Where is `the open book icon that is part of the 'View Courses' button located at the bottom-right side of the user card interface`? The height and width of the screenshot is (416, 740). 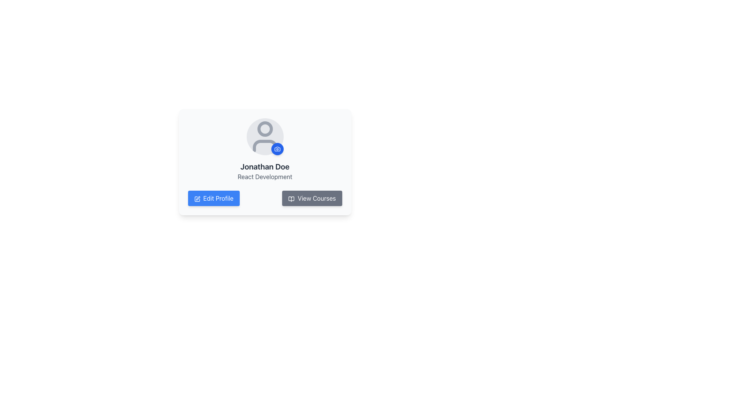 the open book icon that is part of the 'View Courses' button located at the bottom-right side of the user card interface is located at coordinates (291, 198).